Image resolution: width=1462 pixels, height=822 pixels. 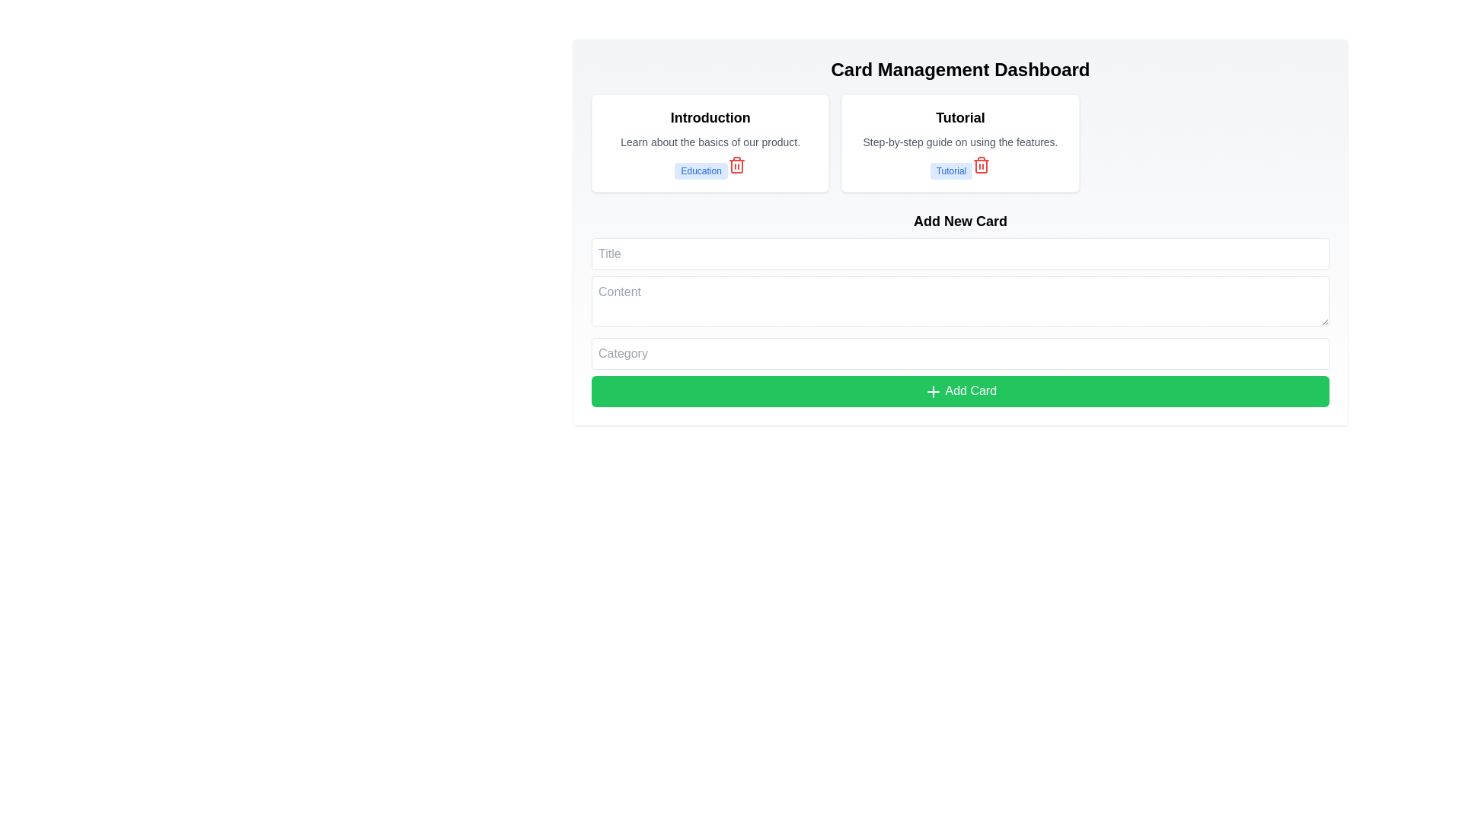 I want to click on text header 'Introduction' which is styled in bold and larger font, positioned at the top-center of the card in the grid layout, so click(x=710, y=116).